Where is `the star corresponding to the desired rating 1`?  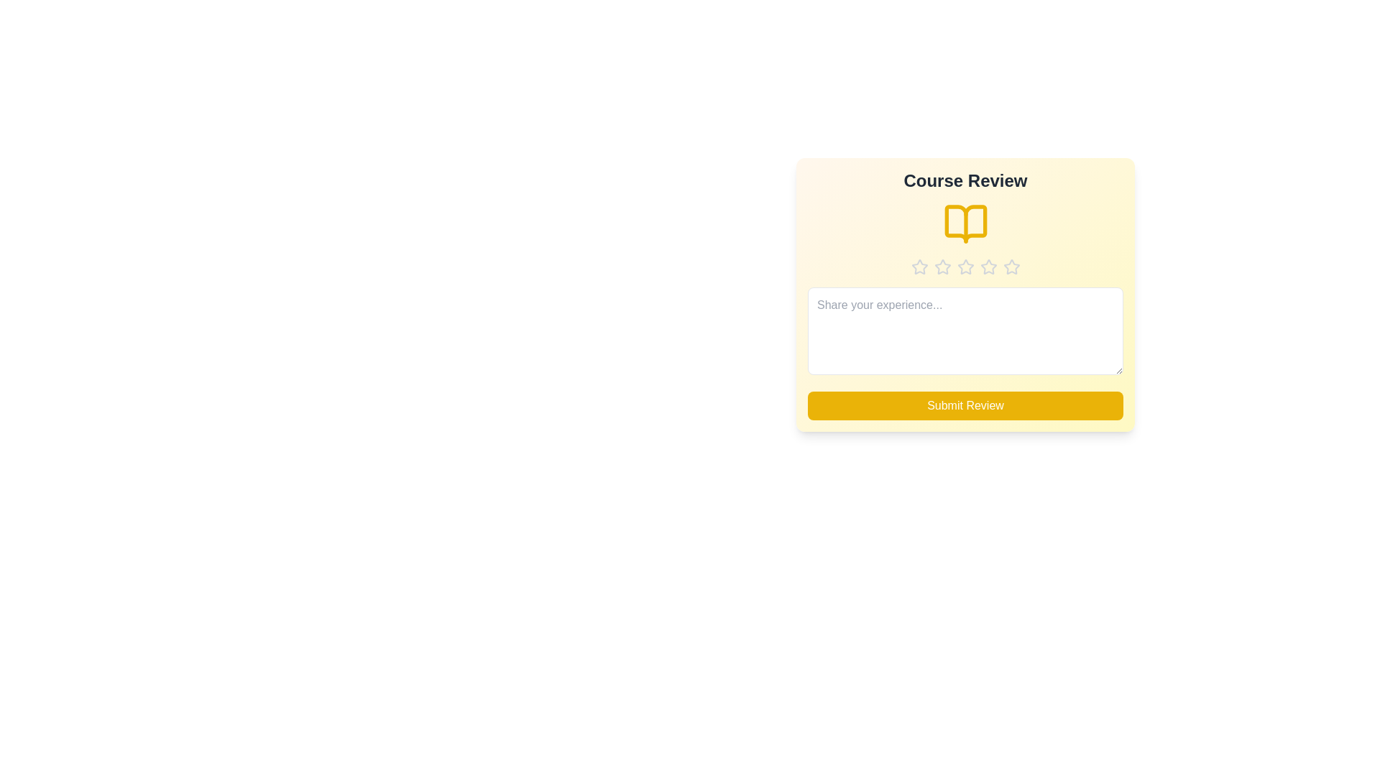 the star corresponding to the desired rating 1 is located at coordinates (919, 267).